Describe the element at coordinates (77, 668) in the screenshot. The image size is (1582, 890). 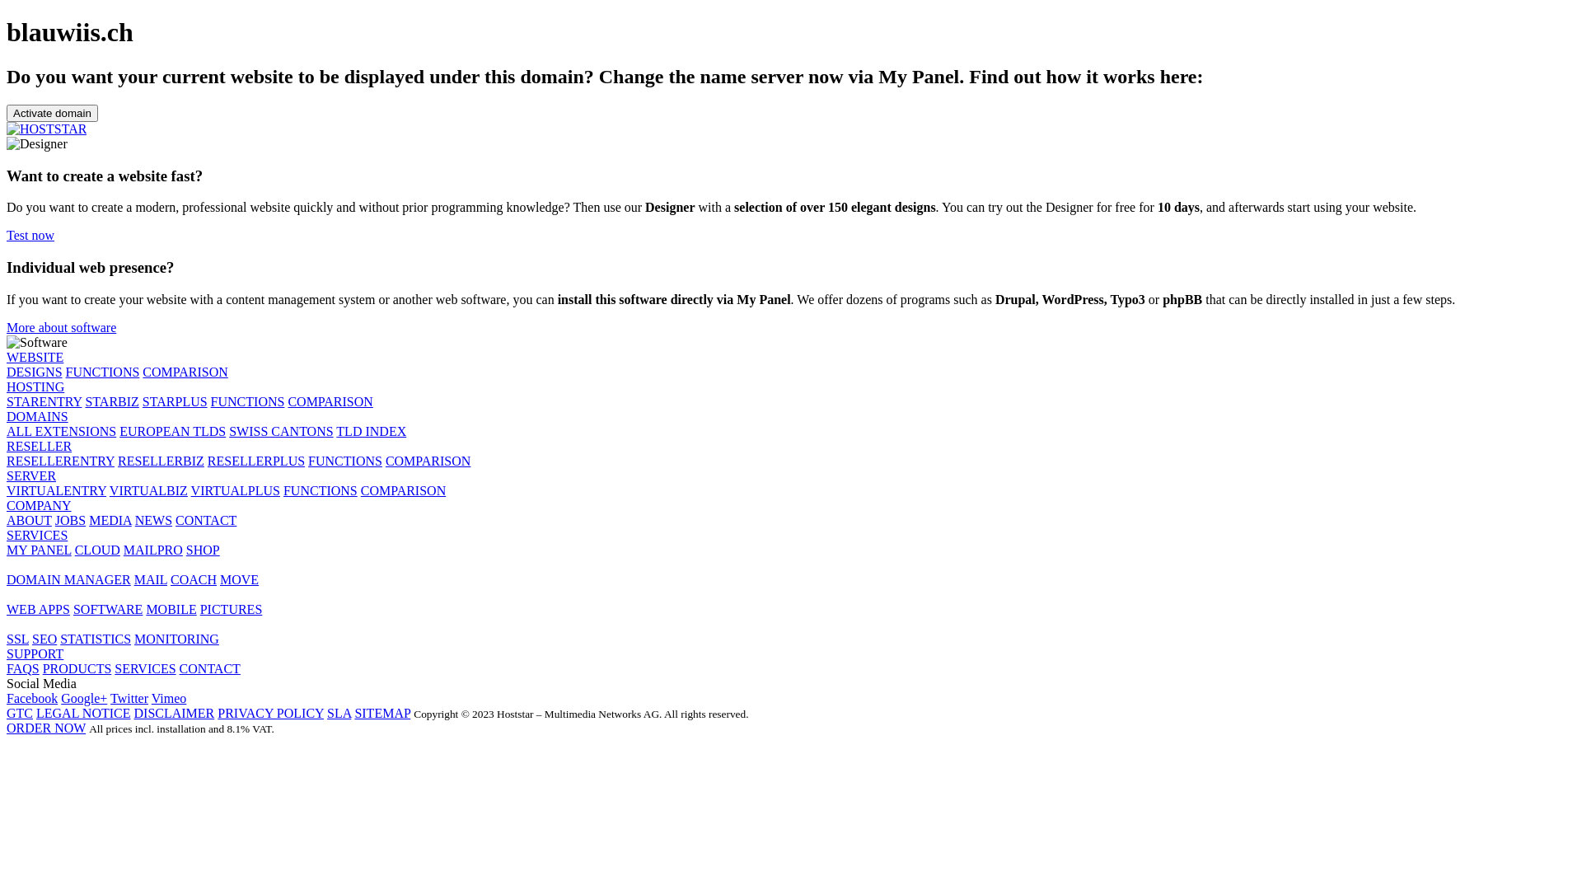
I see `'PRODUCTS'` at that location.